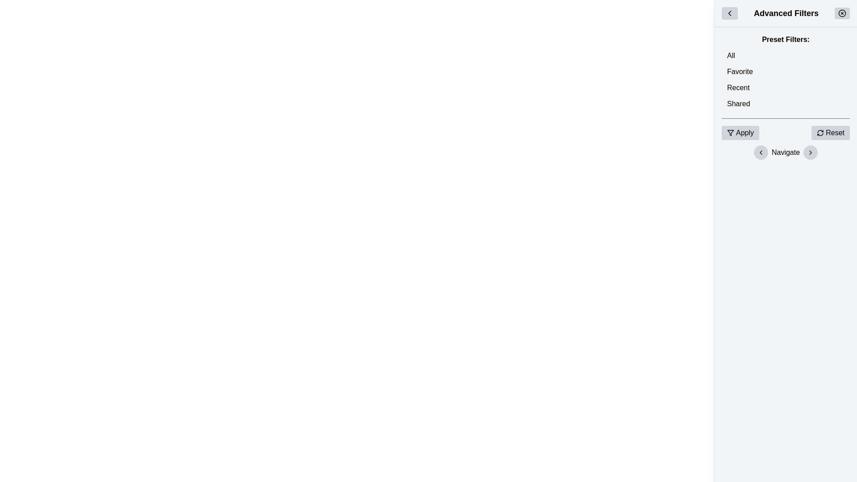 The height and width of the screenshot is (482, 857). What do you see at coordinates (730, 133) in the screenshot?
I see `the filtering icon located in the upper region of the right sidebar, above the text 'Preset Filters'` at bounding box center [730, 133].